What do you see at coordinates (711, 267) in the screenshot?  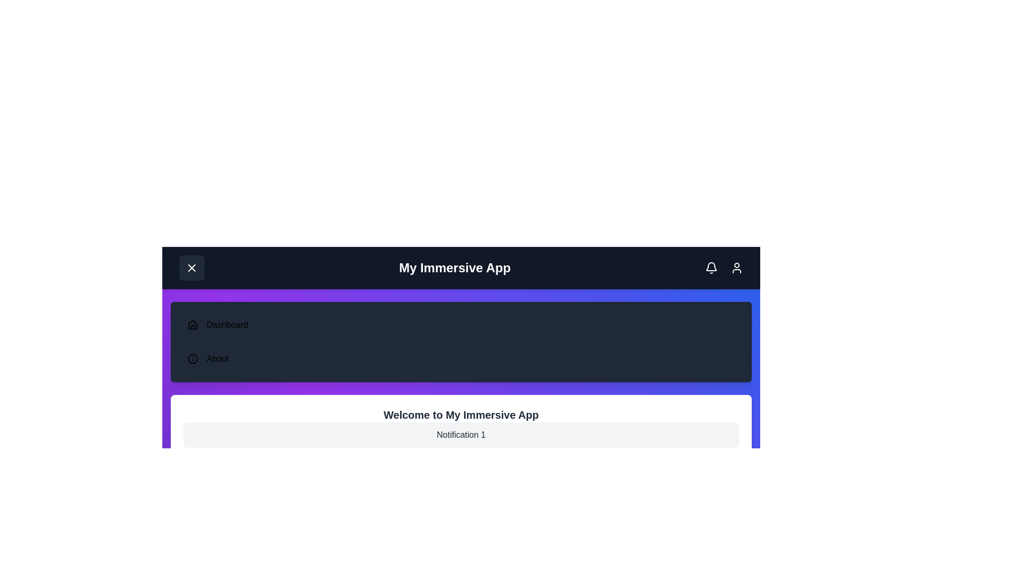 I see `the bell icon to toggle the visibility of the notifications panel` at bounding box center [711, 267].